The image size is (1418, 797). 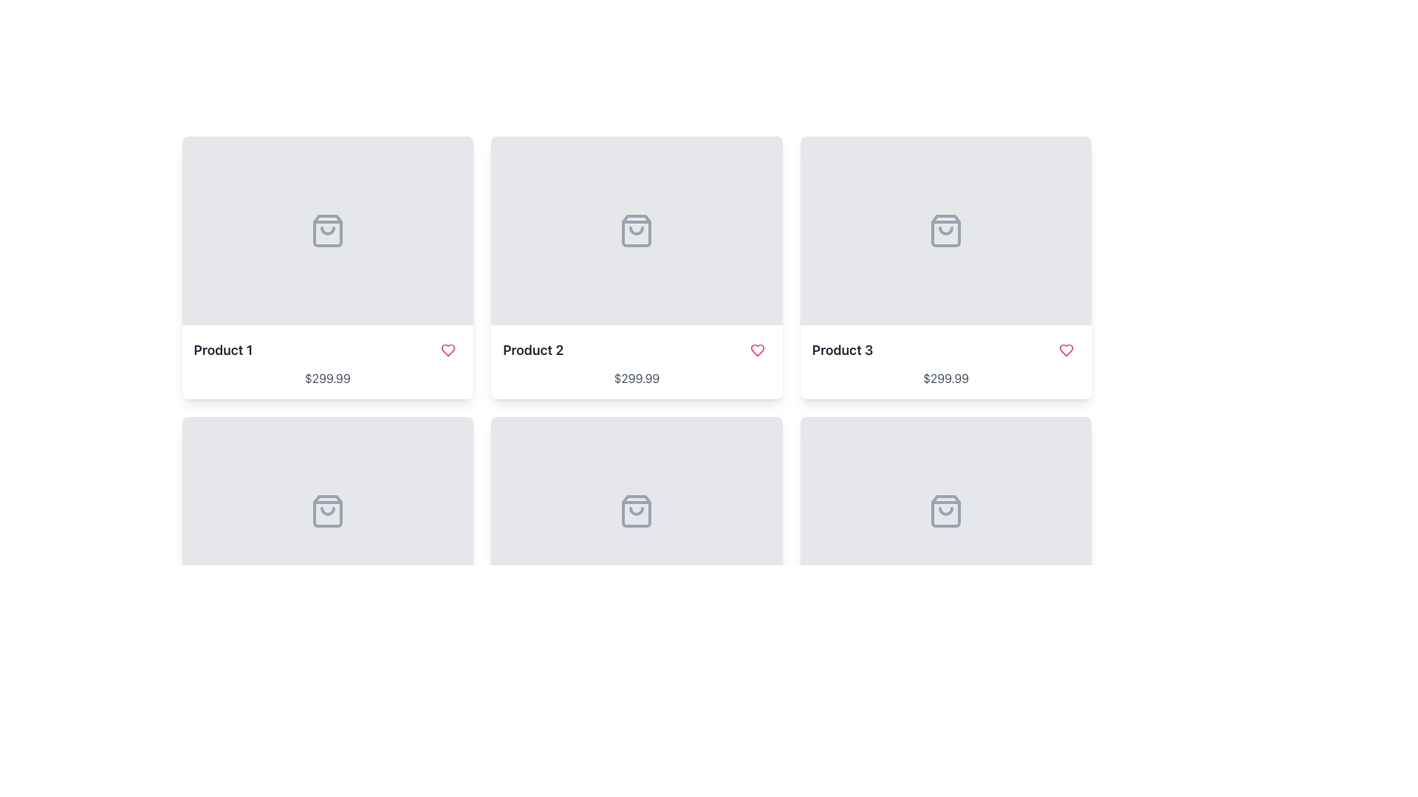 I want to click on the image placeholder with a shopping bag icon located in the bottom right corner of the grid layout, specifically in the fifth card under the header 'Product 6', so click(x=946, y=511).